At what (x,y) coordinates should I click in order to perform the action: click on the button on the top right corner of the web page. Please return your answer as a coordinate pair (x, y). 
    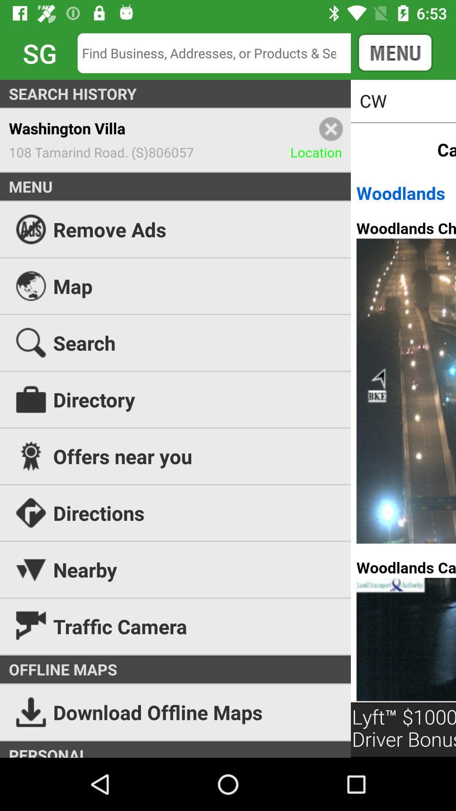
    Looking at the image, I should click on (395, 52).